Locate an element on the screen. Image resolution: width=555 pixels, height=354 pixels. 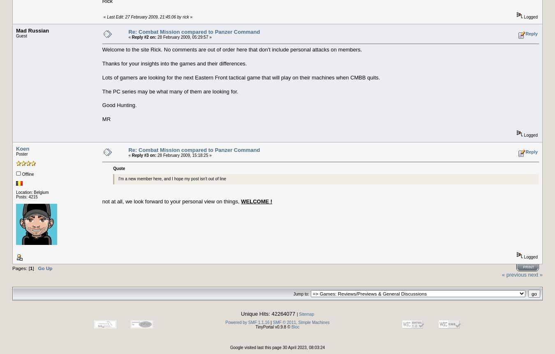
'Pages: [' is located at coordinates (21, 268).